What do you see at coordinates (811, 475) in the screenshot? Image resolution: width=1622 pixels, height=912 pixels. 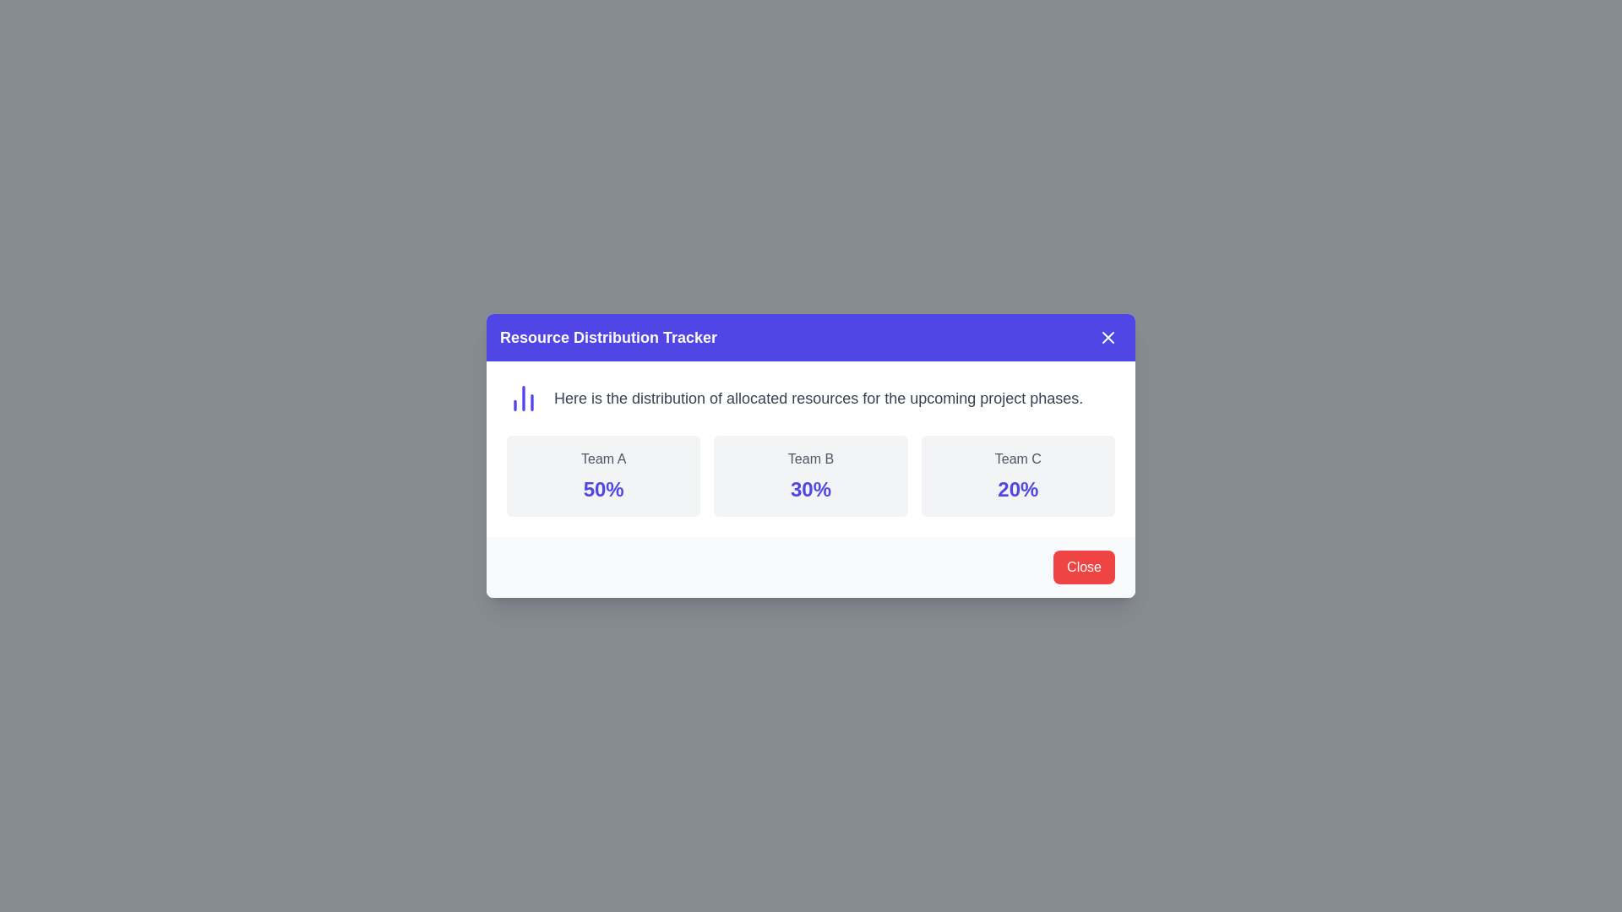 I see `label and value for resource allocations among 'Team A', 'Team B', and 'Team C' in the horizontal card group located at the center-bottom region of the modal dialog` at bounding box center [811, 475].